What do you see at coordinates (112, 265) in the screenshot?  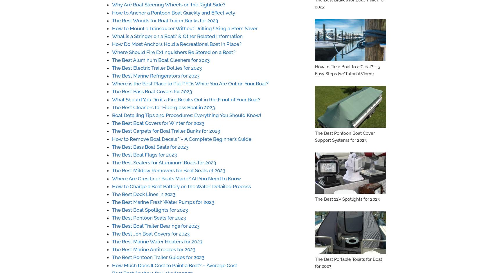 I see `'How Much Does It Cost to Paint a Boat? – Average Cost'` at bounding box center [112, 265].